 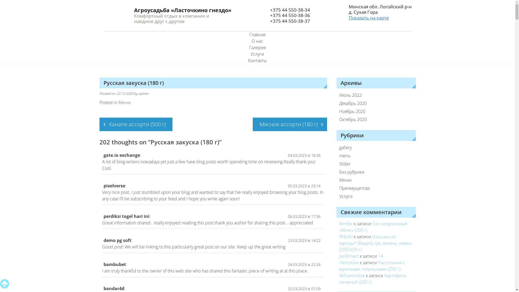 What do you see at coordinates (289, 21) in the screenshot?
I see `'+375 44 550-38-37'` at bounding box center [289, 21].